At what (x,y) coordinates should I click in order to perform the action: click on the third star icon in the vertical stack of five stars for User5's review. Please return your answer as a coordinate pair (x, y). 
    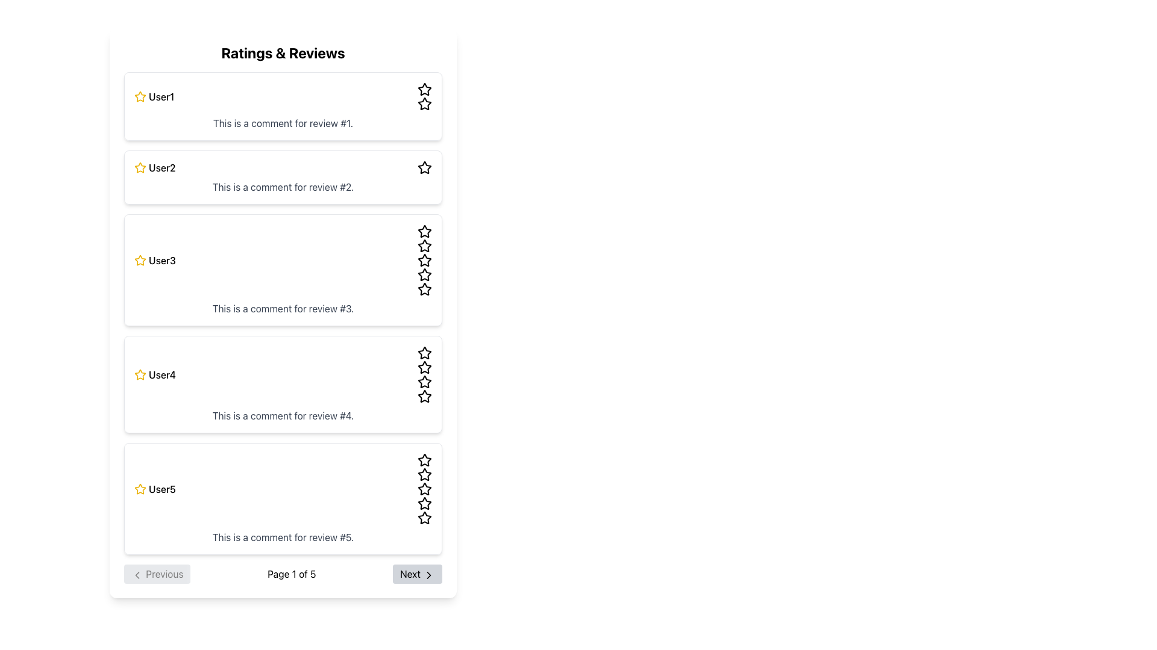
    Looking at the image, I should click on (425, 489).